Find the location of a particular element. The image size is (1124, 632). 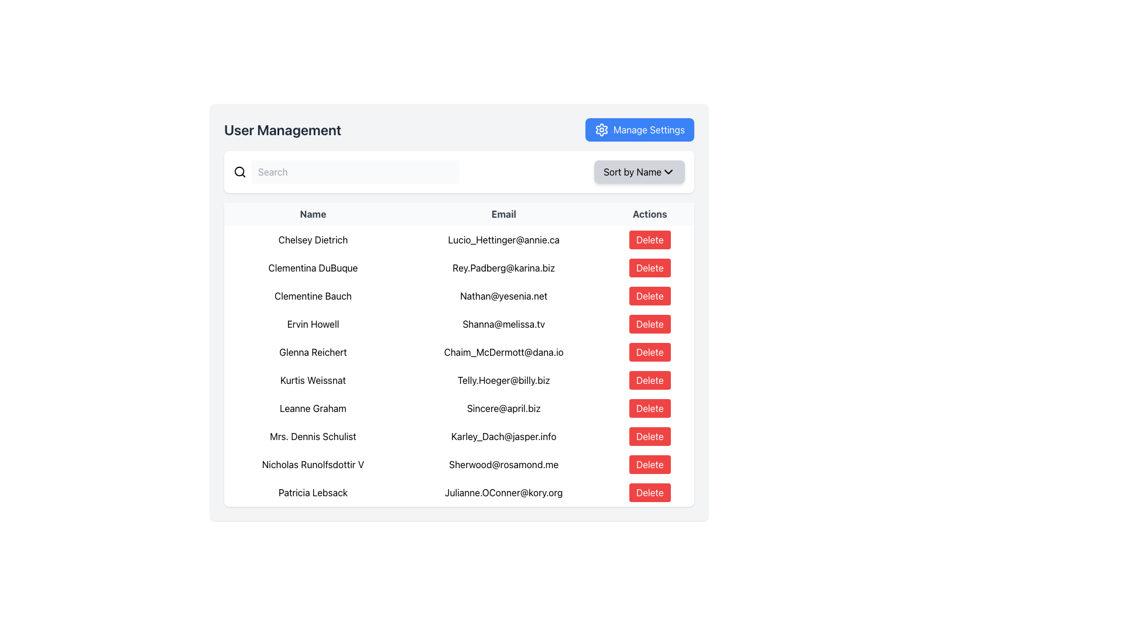

the red 'Delete' button with rounded corners located in the 'Actions' column of the user management table for user 'Kurtis Weissnat' is located at coordinates (649, 380).